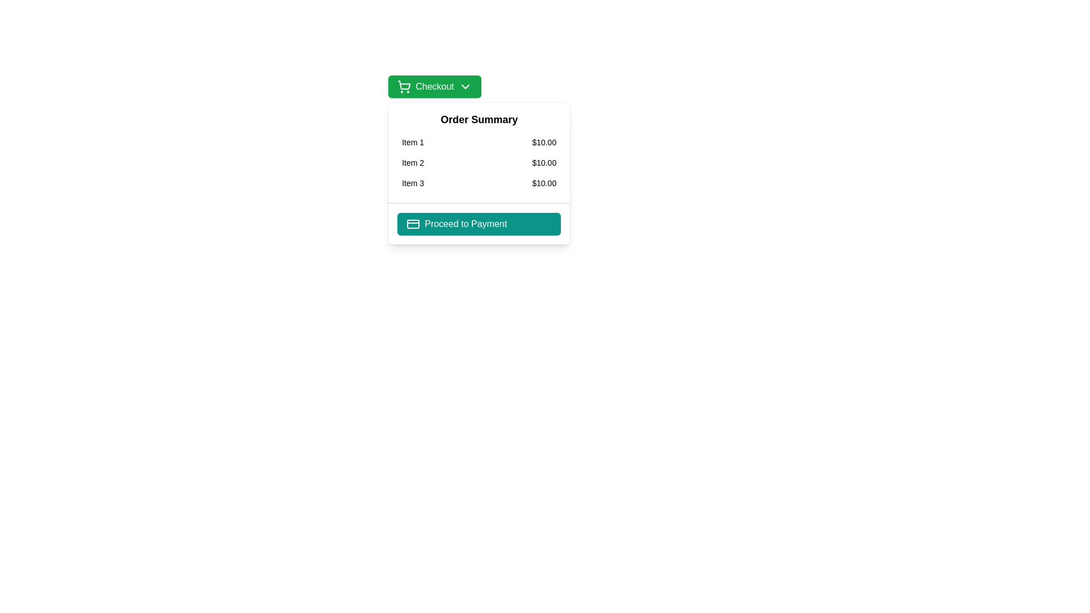  Describe the element at coordinates (412, 183) in the screenshot. I see `the text label displaying 'Item 3' in the 'Order Summary' section, which is positioned next to the price '$10.00'` at that location.